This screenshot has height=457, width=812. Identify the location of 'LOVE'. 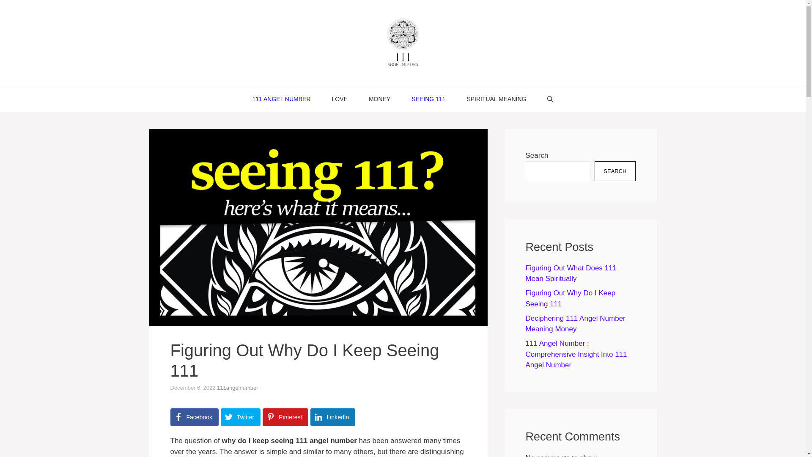
(340, 99).